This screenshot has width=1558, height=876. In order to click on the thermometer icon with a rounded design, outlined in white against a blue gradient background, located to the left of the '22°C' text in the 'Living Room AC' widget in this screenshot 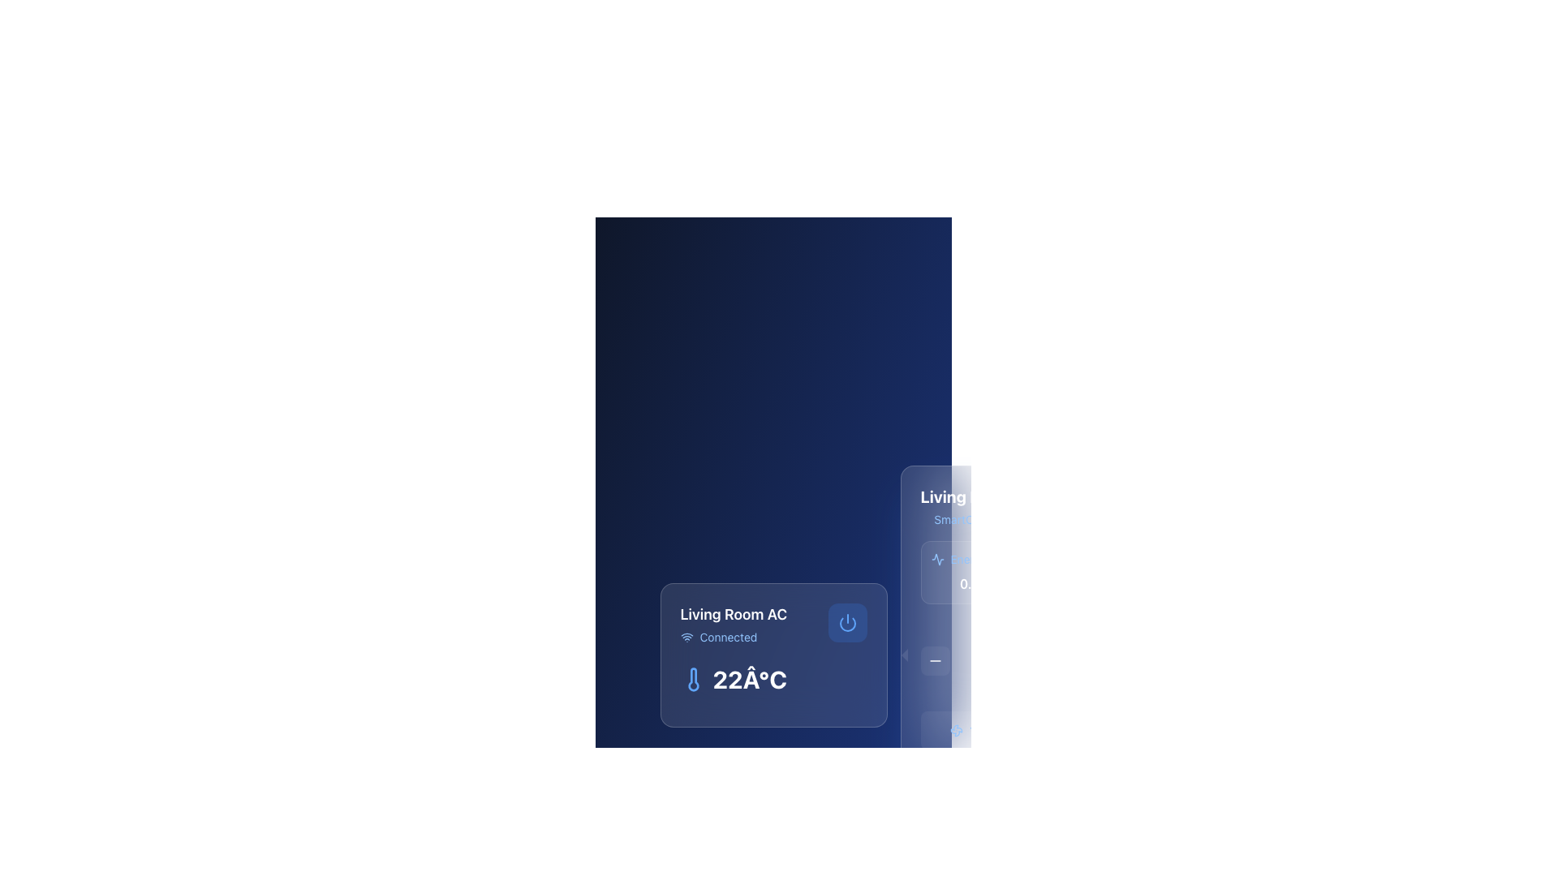, I will do `click(693, 679)`.